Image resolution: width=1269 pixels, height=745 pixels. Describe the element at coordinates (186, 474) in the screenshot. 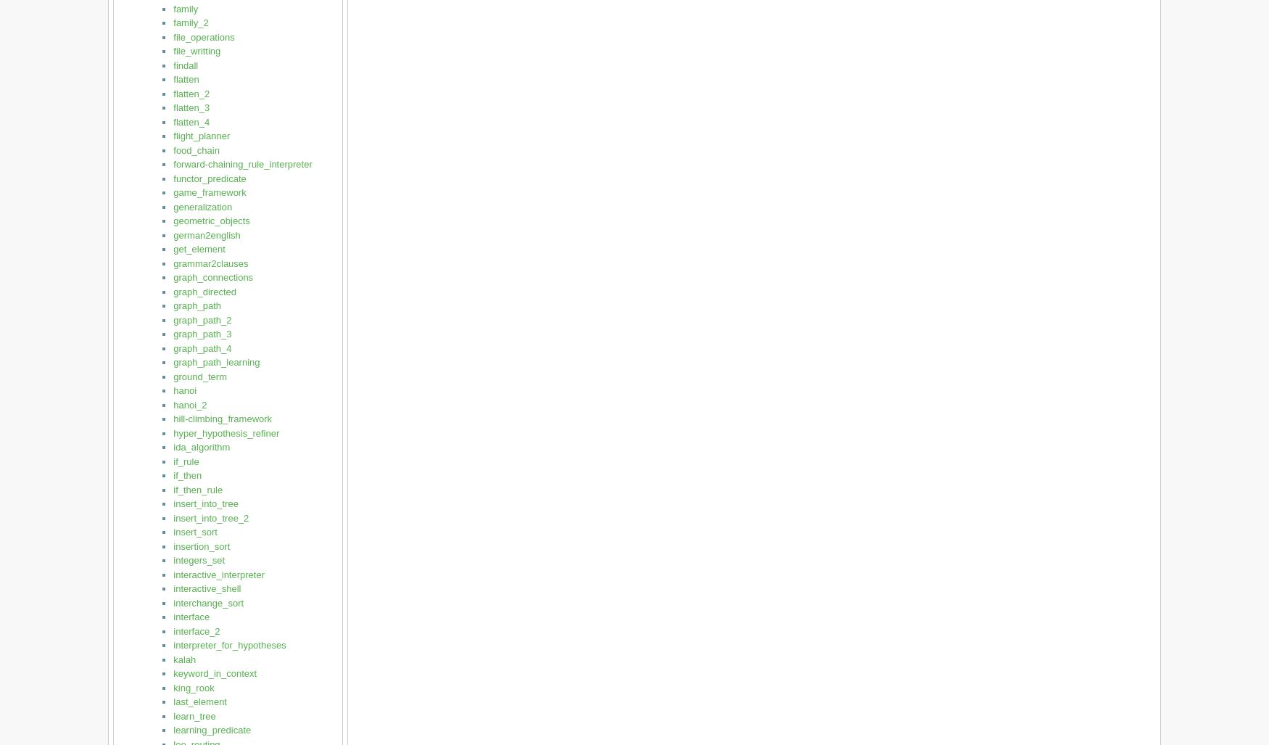

I see `'if_then'` at that location.